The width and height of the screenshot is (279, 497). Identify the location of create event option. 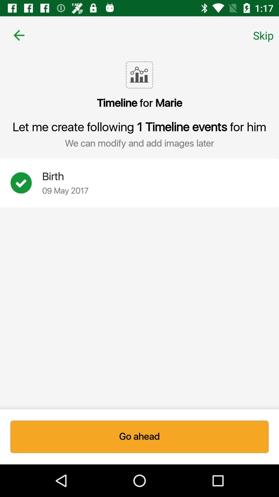
(26, 183).